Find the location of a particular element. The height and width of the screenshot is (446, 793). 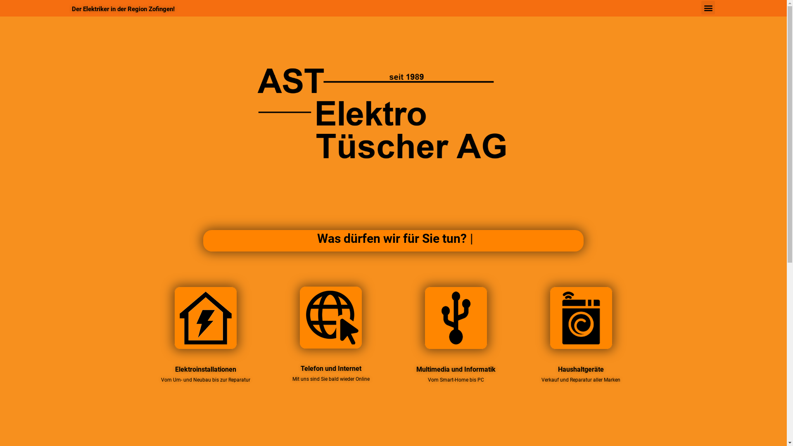

'Elektroinstallationen' is located at coordinates (206, 318).